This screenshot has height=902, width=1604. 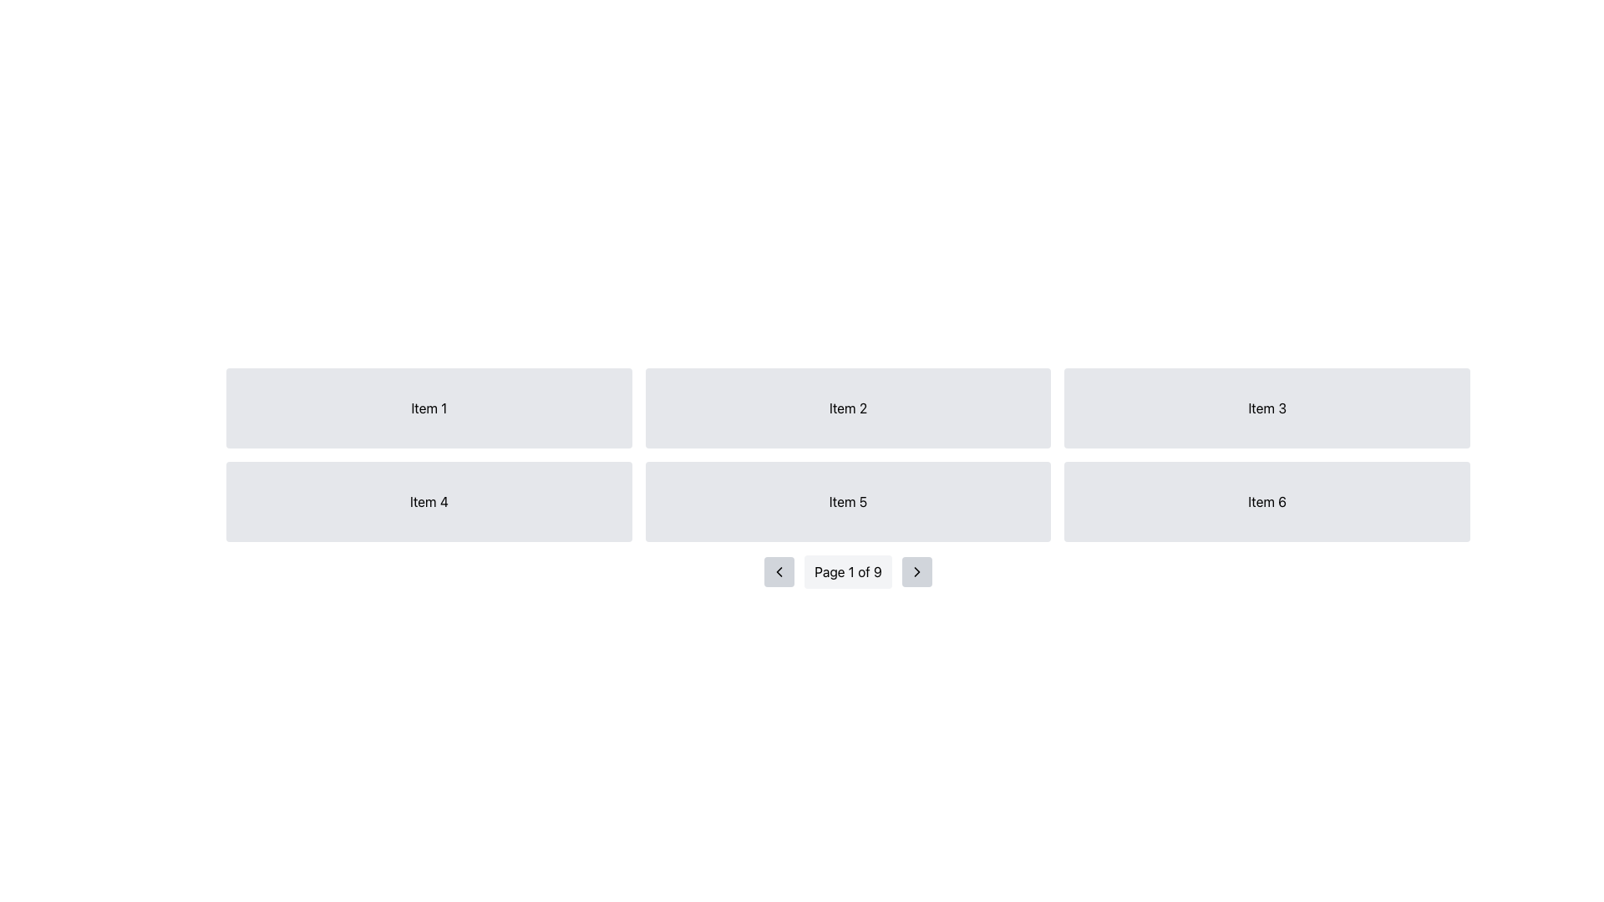 I want to click on the non-interactive label displaying 'Item 2', which is the second item in a grid layout positioned in the first row, middle column, so click(x=848, y=408).